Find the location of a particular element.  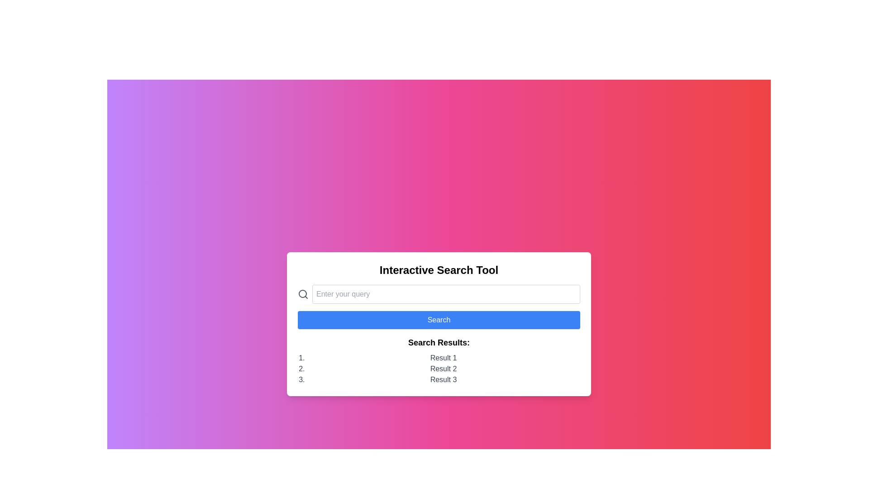

the distinct search button located centrally within the dialog box, directly below the input field labeled 'Enter your query' is located at coordinates (439, 324).